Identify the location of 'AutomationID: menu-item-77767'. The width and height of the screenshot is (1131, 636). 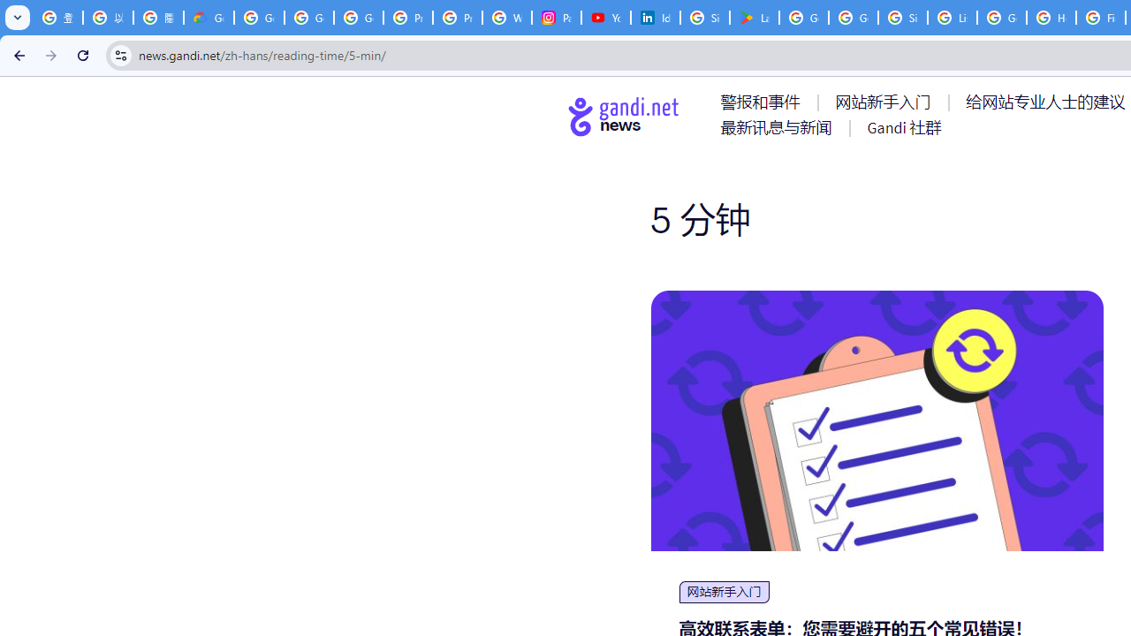
(904, 126).